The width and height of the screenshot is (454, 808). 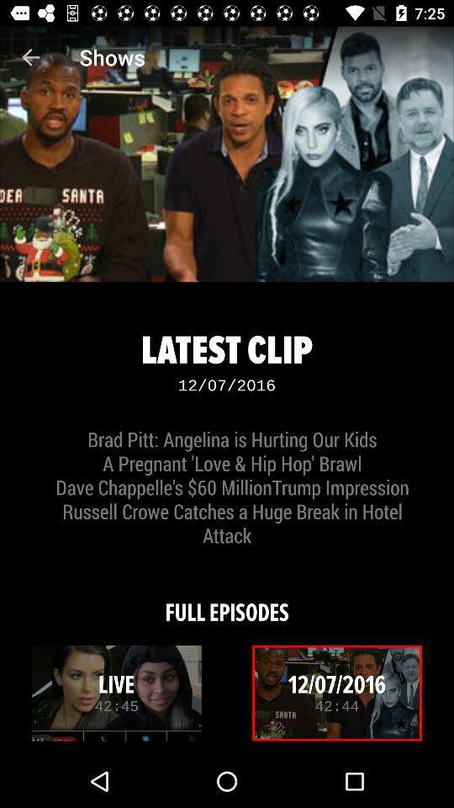 I want to click on the full episodes, so click(x=227, y=601).